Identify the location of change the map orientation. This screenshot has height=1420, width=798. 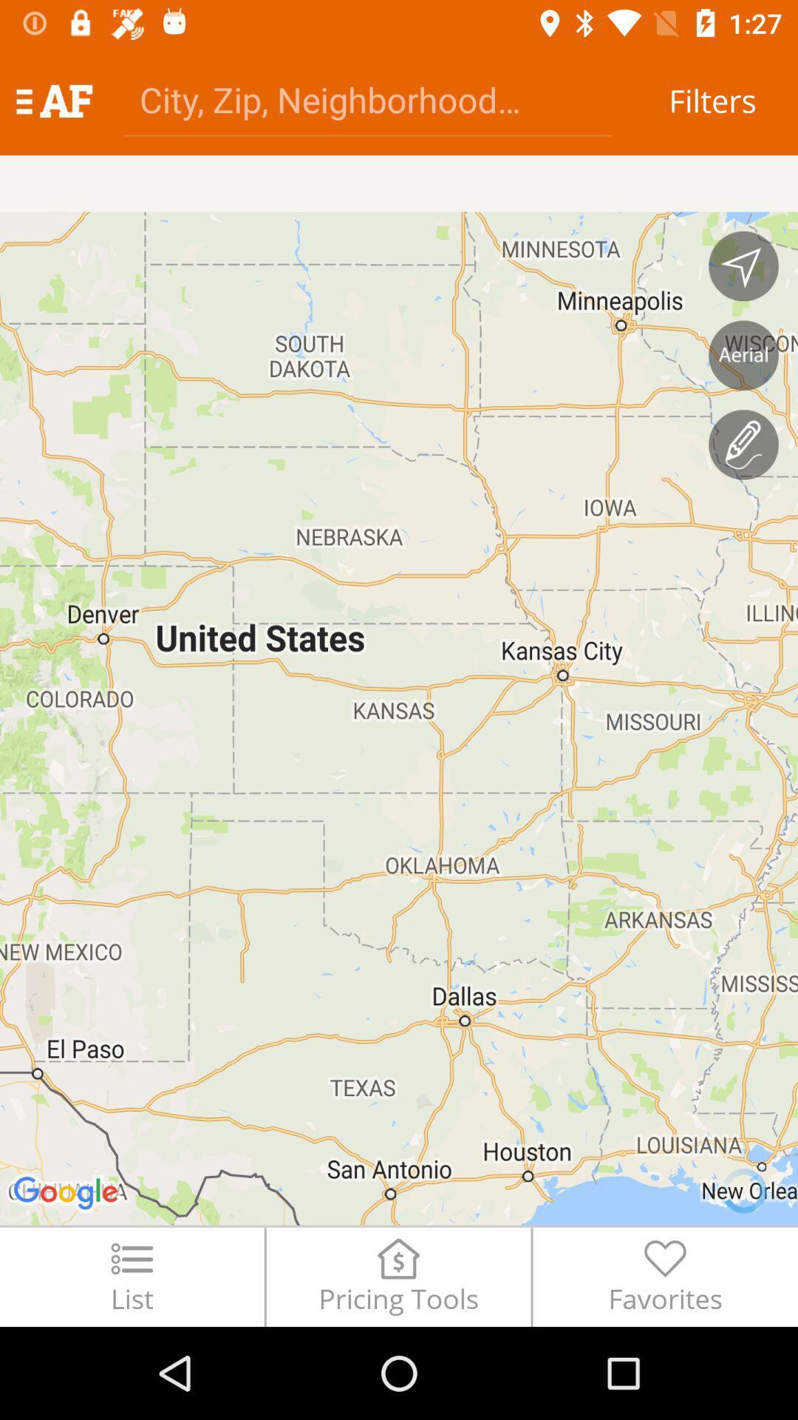
(743, 266).